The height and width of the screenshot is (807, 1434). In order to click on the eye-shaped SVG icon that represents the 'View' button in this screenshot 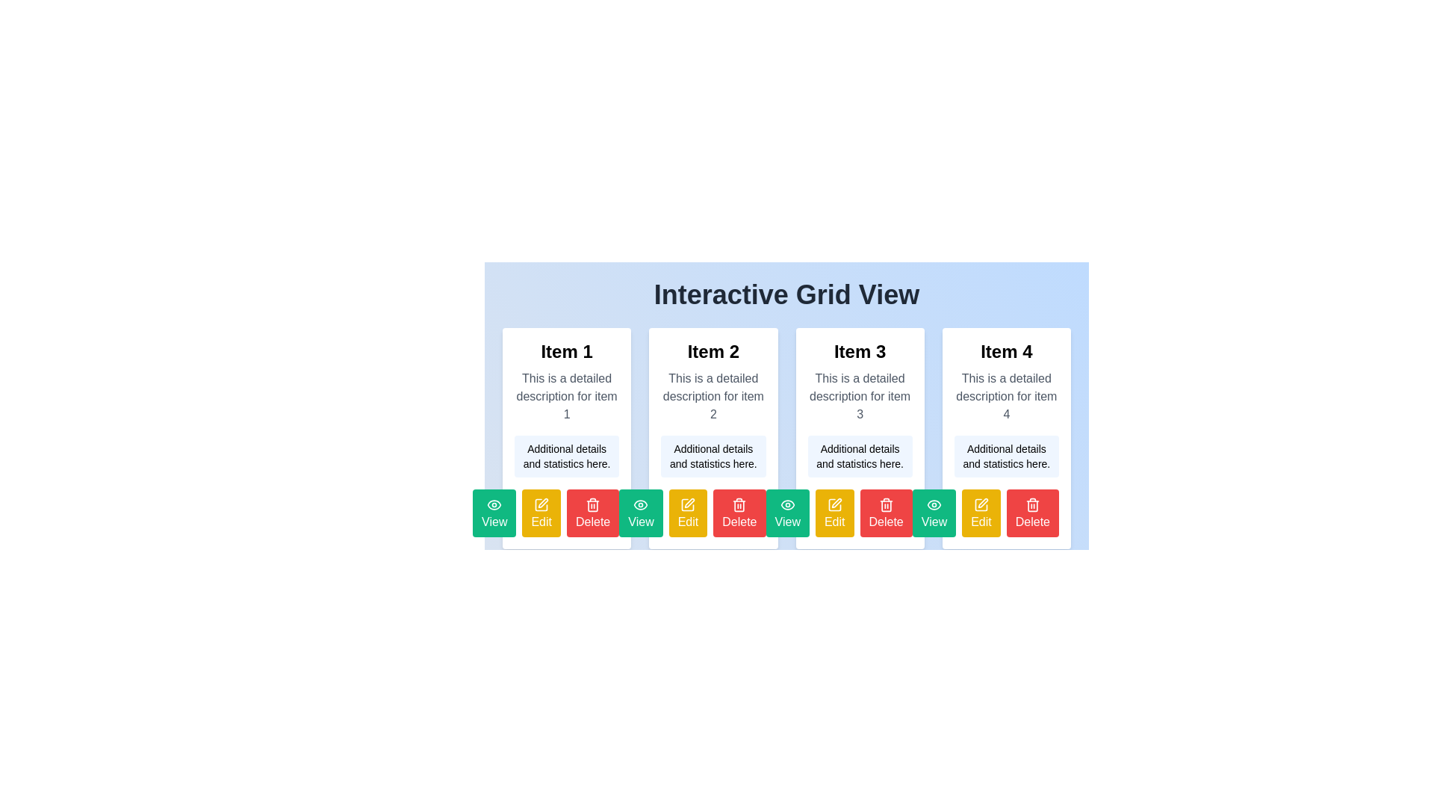, I will do `click(641, 504)`.